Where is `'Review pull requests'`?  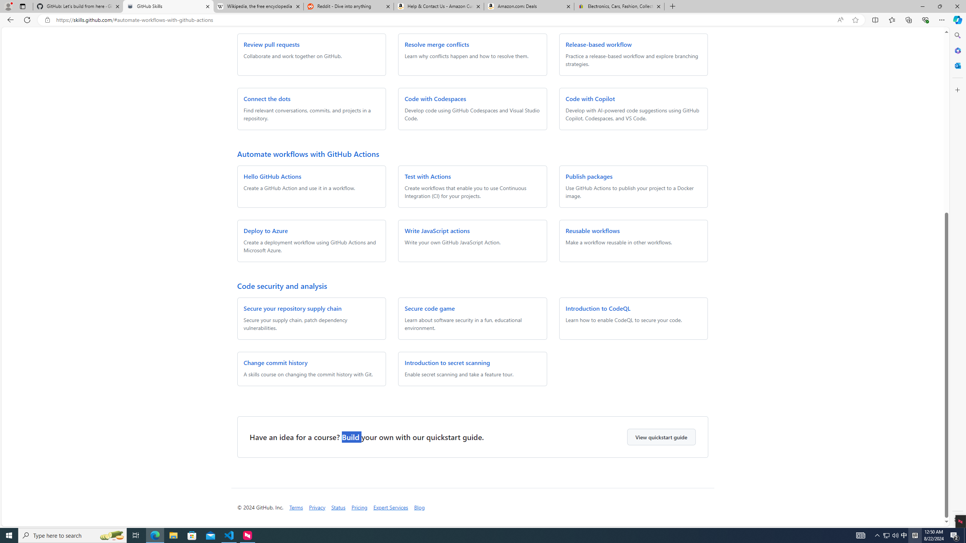
'Review pull requests' is located at coordinates (271, 44).